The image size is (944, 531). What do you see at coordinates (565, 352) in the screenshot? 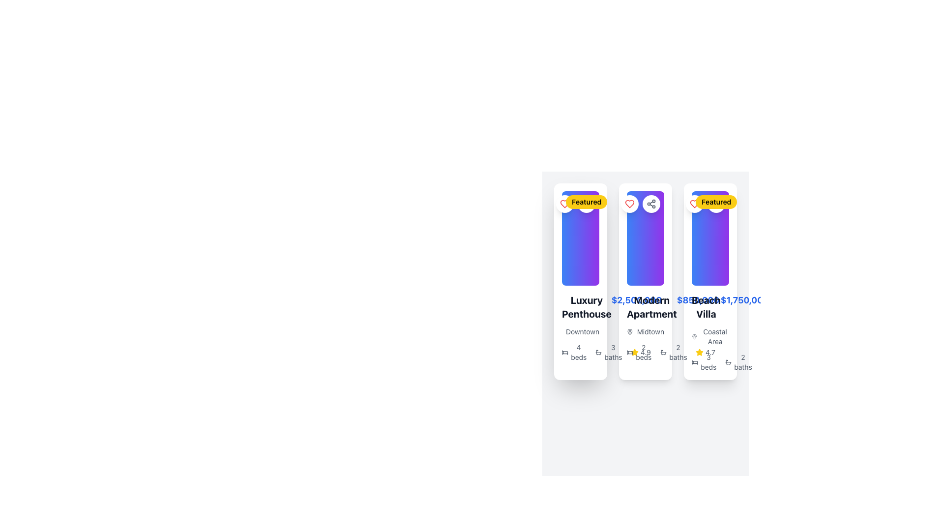
I see `the SVG icon representing a bed, which is located to the left of the '4 beds' label within the property card details section` at bounding box center [565, 352].